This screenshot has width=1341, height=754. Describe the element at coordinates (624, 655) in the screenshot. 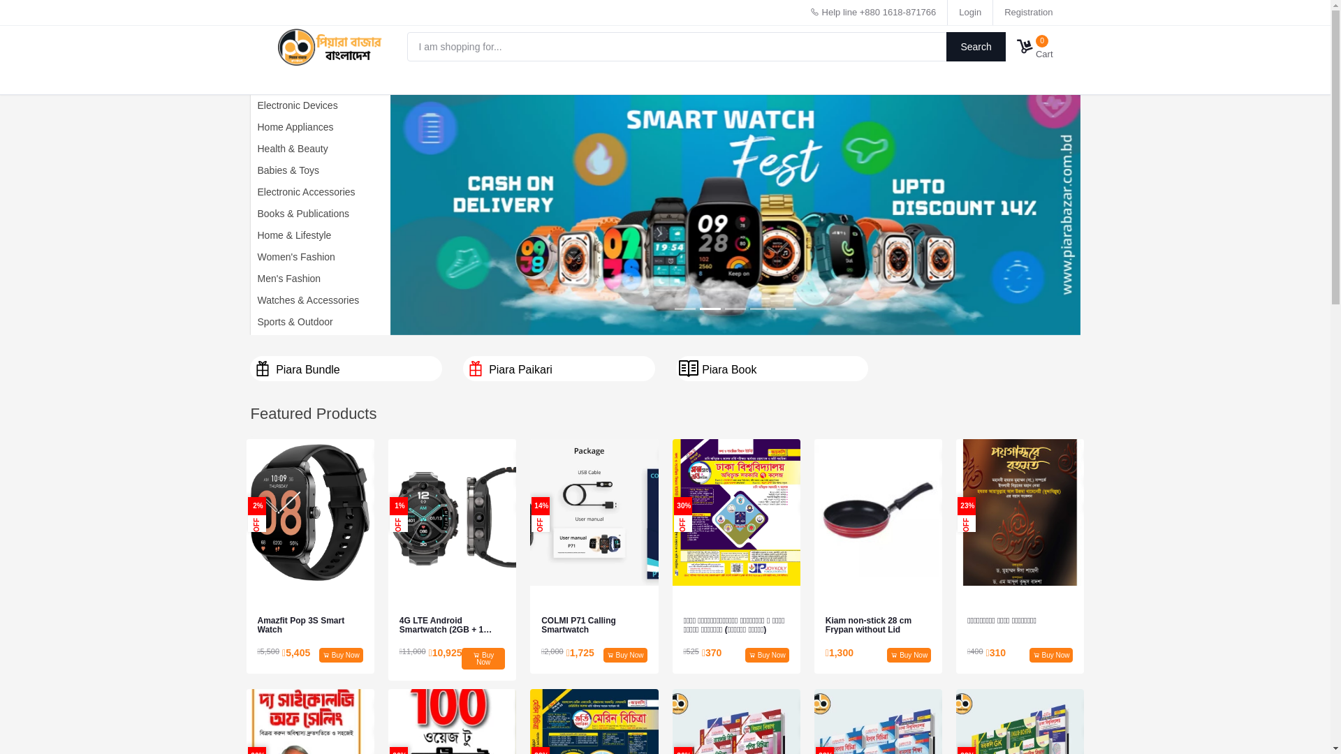

I see `'Buy Now'` at that location.